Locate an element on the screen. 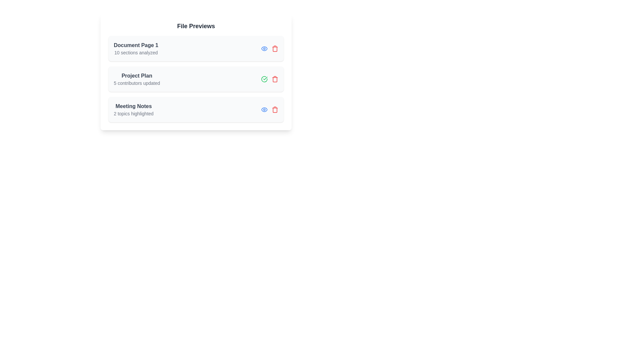 The width and height of the screenshot is (637, 358). 'Eye' icon for the item with title Meeting Notes is located at coordinates (264, 109).